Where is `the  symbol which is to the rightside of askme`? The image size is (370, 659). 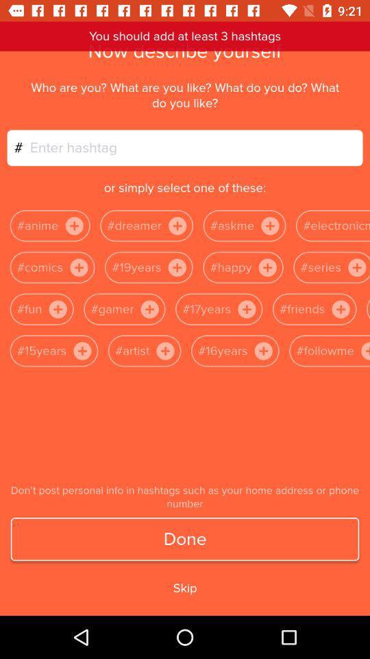
the  symbol which is to the rightside of askme is located at coordinates (269, 225).